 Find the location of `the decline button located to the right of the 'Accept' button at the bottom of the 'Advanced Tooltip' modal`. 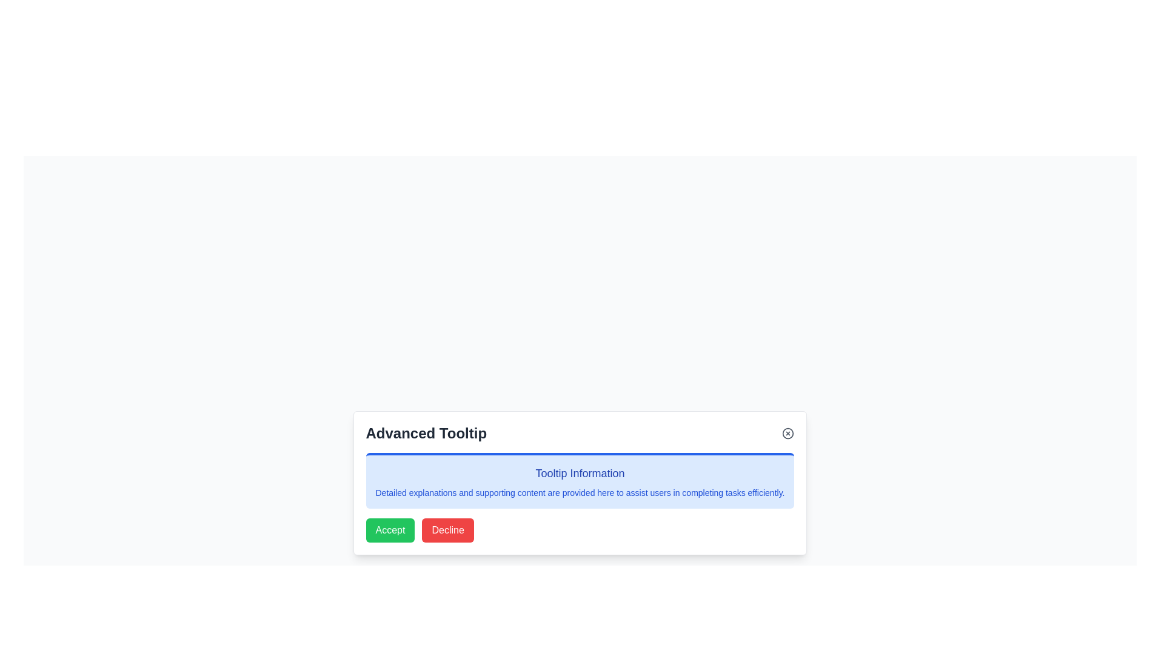

the decline button located to the right of the 'Accept' button at the bottom of the 'Advanced Tooltip' modal is located at coordinates (447, 529).